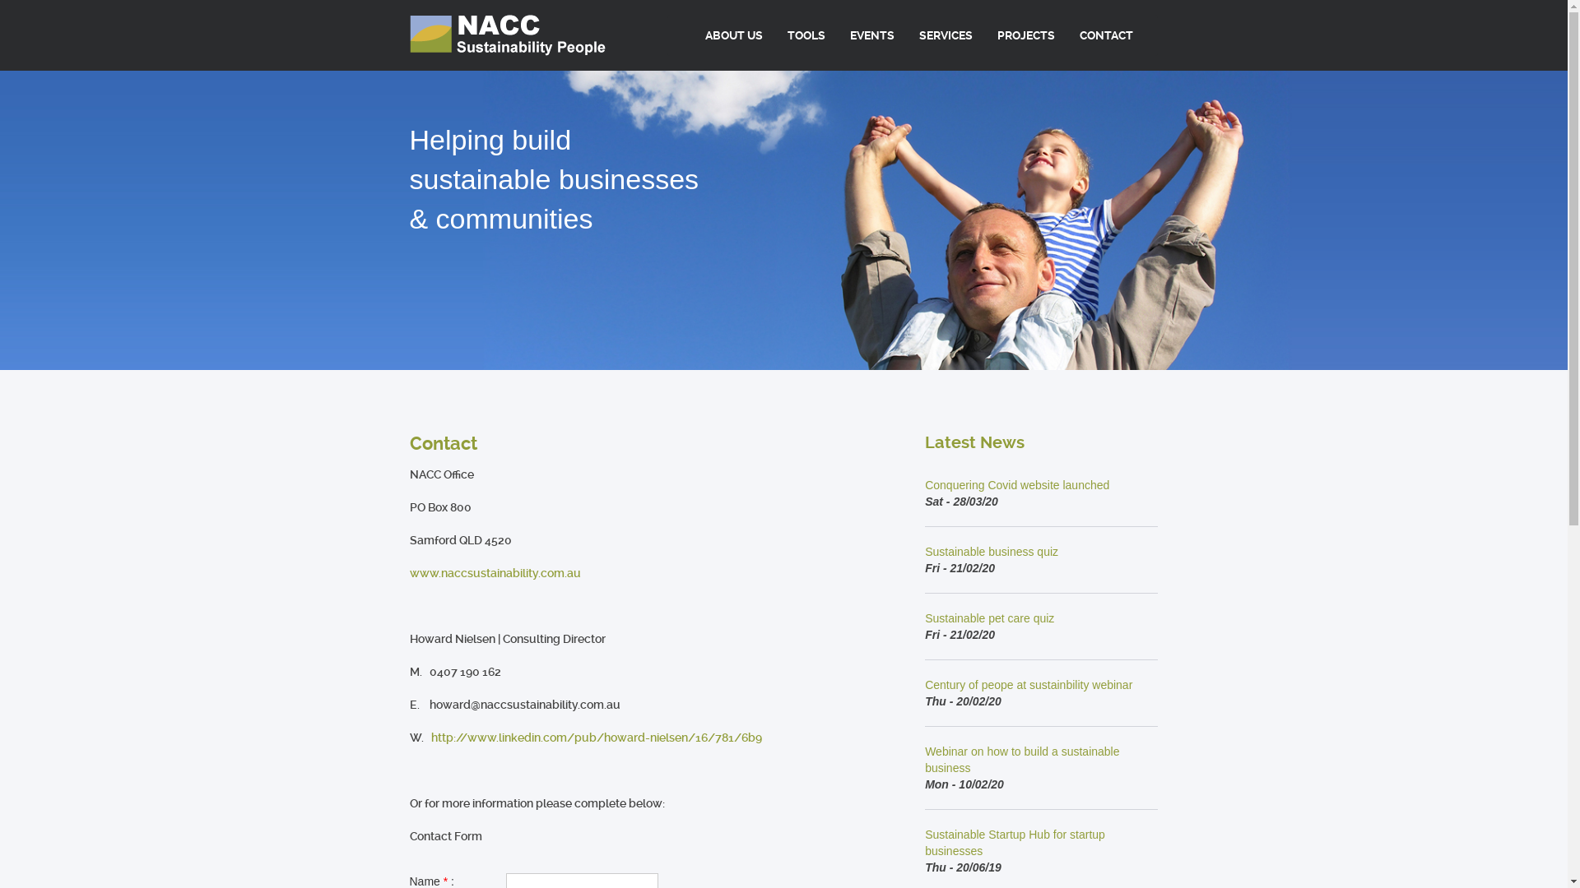 Image resolution: width=1580 pixels, height=888 pixels. I want to click on 'PROJECTS', so click(984, 35).